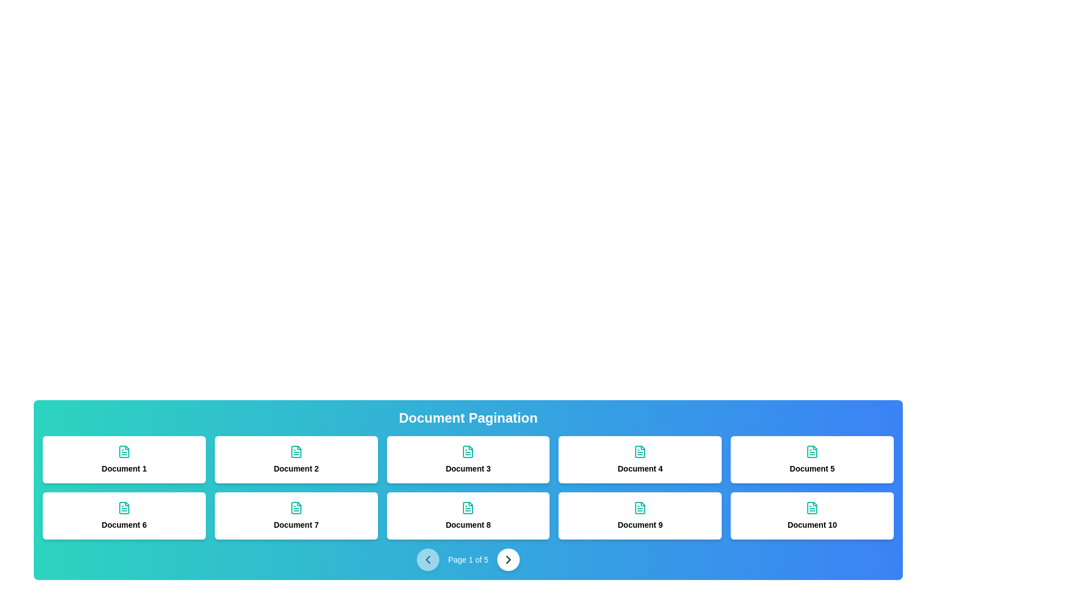 The width and height of the screenshot is (1080, 607). I want to click on the document icon located centrally within the card labeled 'Document 3', which is in the first row, third column of the grid layout, so click(468, 451).